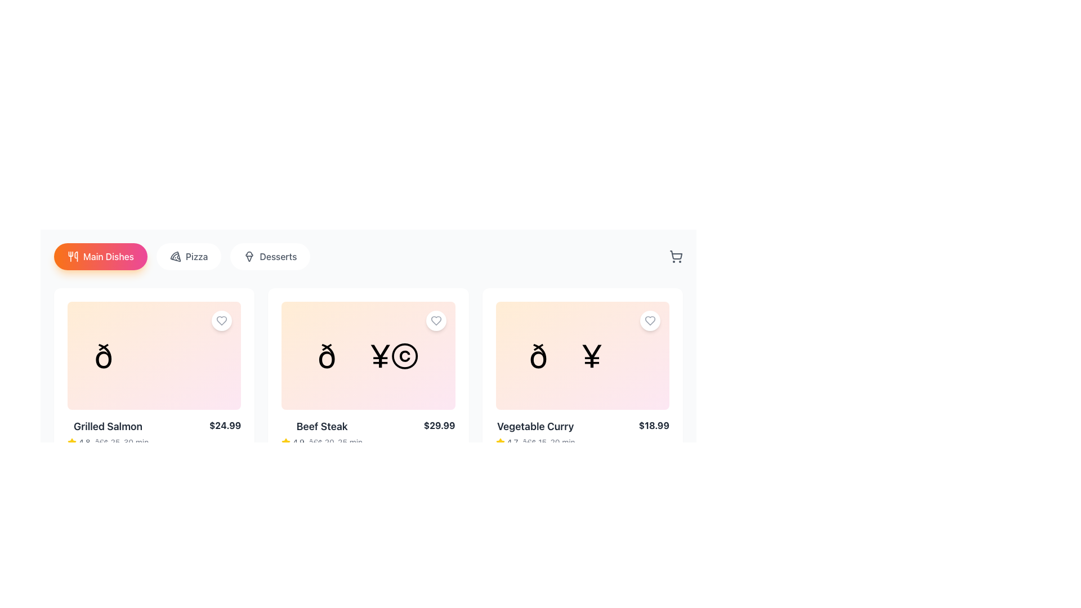 The image size is (1081, 608). What do you see at coordinates (676, 256) in the screenshot?
I see `the shopping cart icon located at the far right end of the navigation options` at bounding box center [676, 256].